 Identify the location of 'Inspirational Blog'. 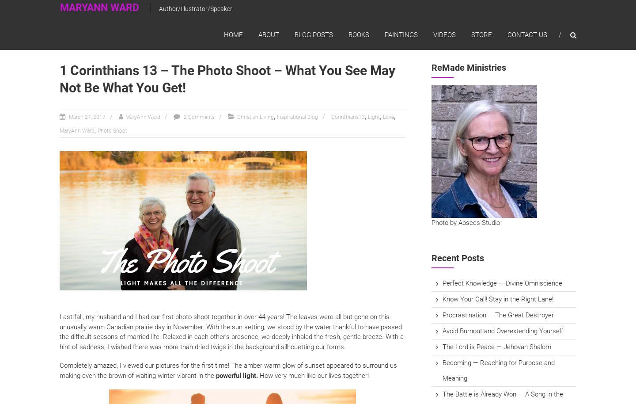
(276, 116).